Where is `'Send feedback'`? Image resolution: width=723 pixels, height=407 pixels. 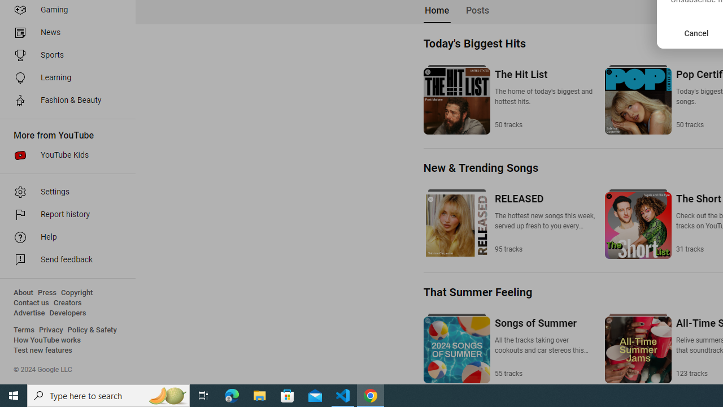
'Send feedback' is located at coordinates (63, 260).